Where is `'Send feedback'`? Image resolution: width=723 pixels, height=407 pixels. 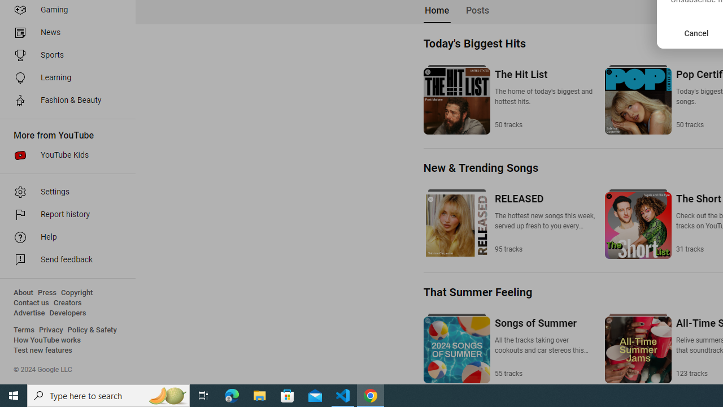
'Send feedback' is located at coordinates (63, 260).